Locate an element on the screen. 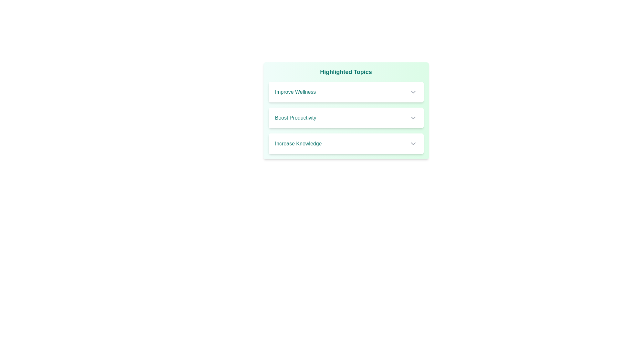  the dropdown menu labeled 'Improve Wellness' is located at coordinates (346, 92).